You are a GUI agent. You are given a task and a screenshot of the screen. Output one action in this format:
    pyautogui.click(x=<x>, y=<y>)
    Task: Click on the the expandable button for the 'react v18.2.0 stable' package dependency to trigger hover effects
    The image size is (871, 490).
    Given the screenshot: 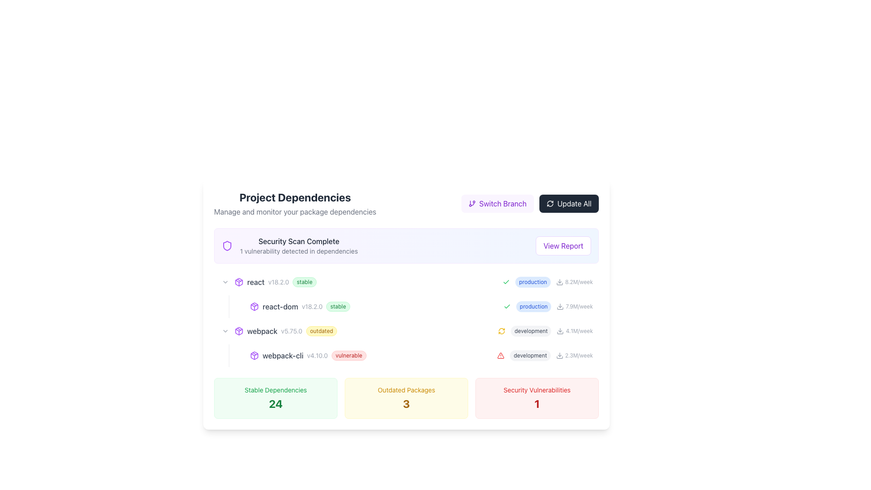 What is the action you would take?
    pyautogui.click(x=225, y=281)
    